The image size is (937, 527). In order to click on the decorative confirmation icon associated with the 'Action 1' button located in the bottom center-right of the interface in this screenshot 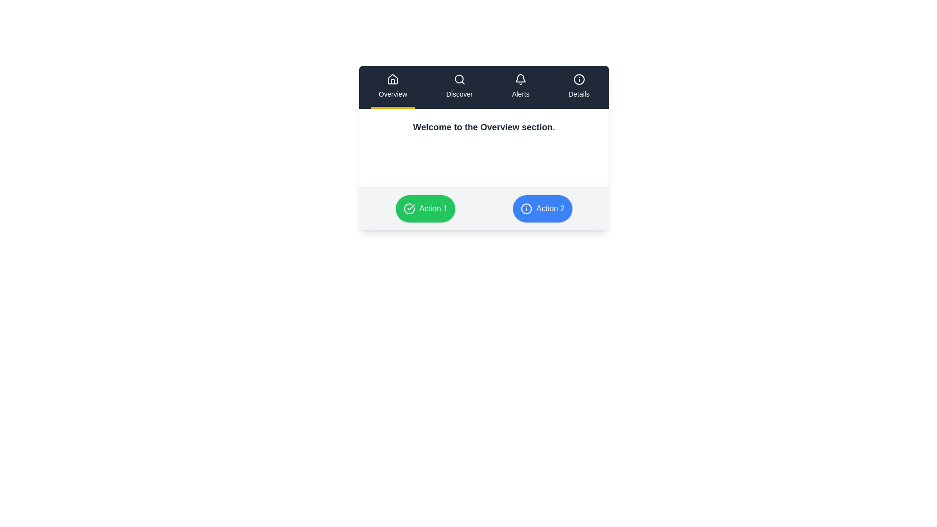, I will do `click(411, 206)`.